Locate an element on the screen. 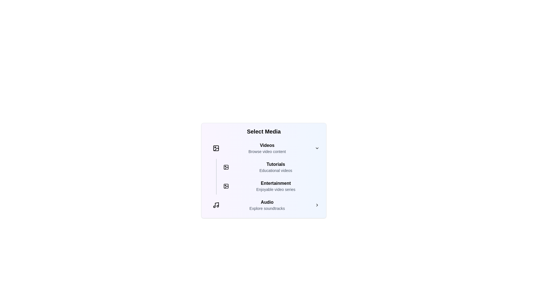 This screenshot has height=301, width=536. the small rectangular button with an image-like icon, located is located at coordinates (226, 186).